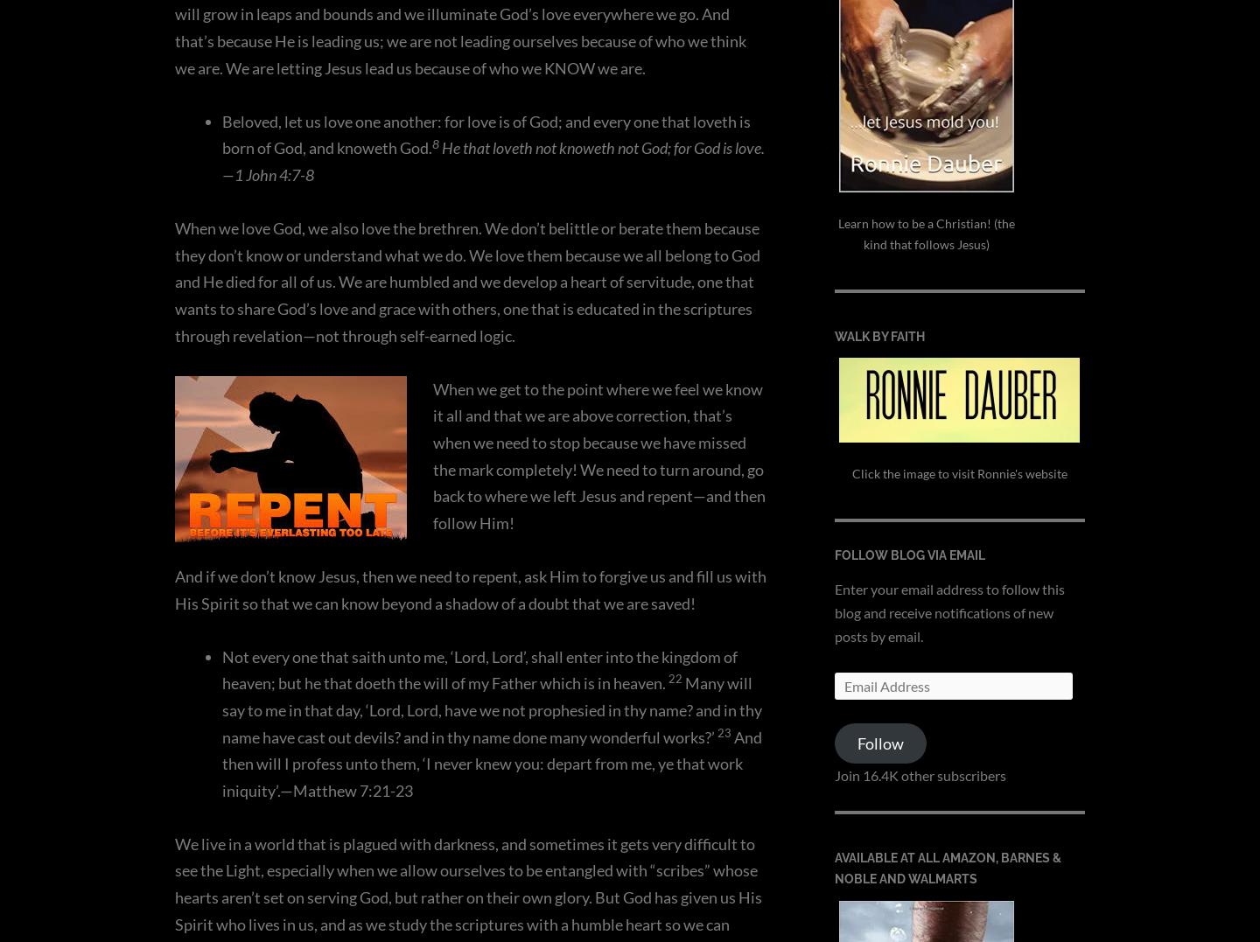  What do you see at coordinates (599, 454) in the screenshot?
I see `'When we get to the point where we feel we know it all and that we are above correction, that’s when we need to stop because we have missed the mark completely! We need to turn around, go back to where we left Jesus and repent—and then follow Him!'` at bounding box center [599, 454].